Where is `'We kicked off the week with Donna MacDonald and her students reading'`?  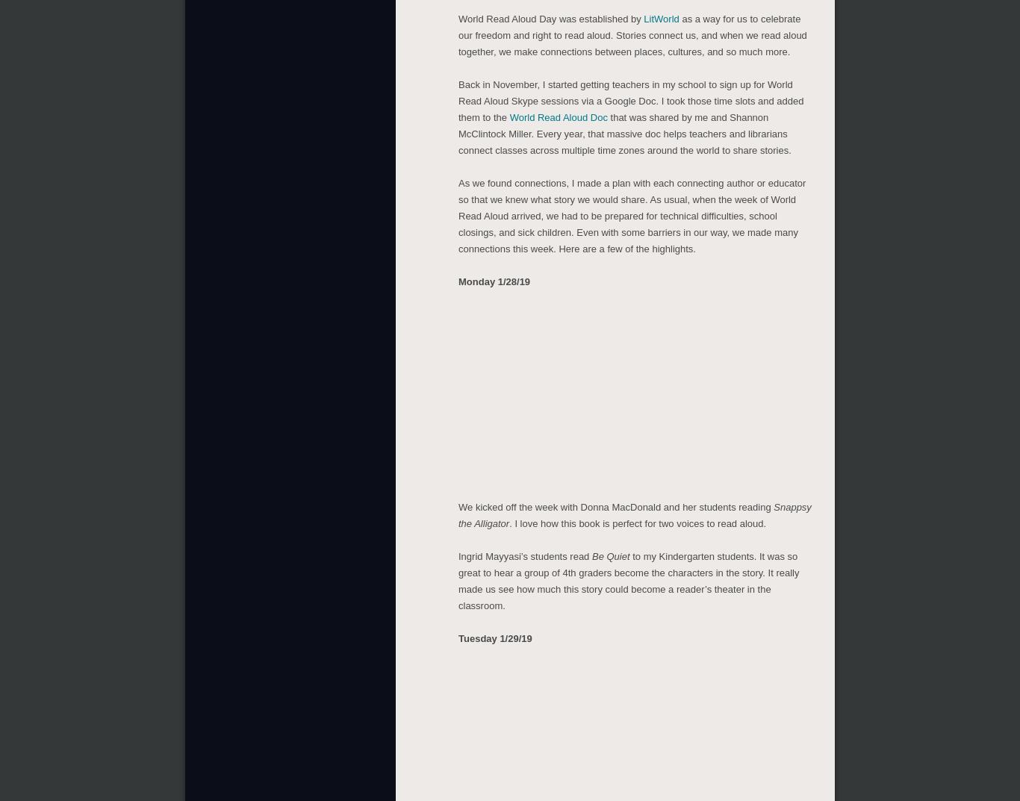 'We kicked off the week with Donna MacDonald and her students reading' is located at coordinates (615, 504).